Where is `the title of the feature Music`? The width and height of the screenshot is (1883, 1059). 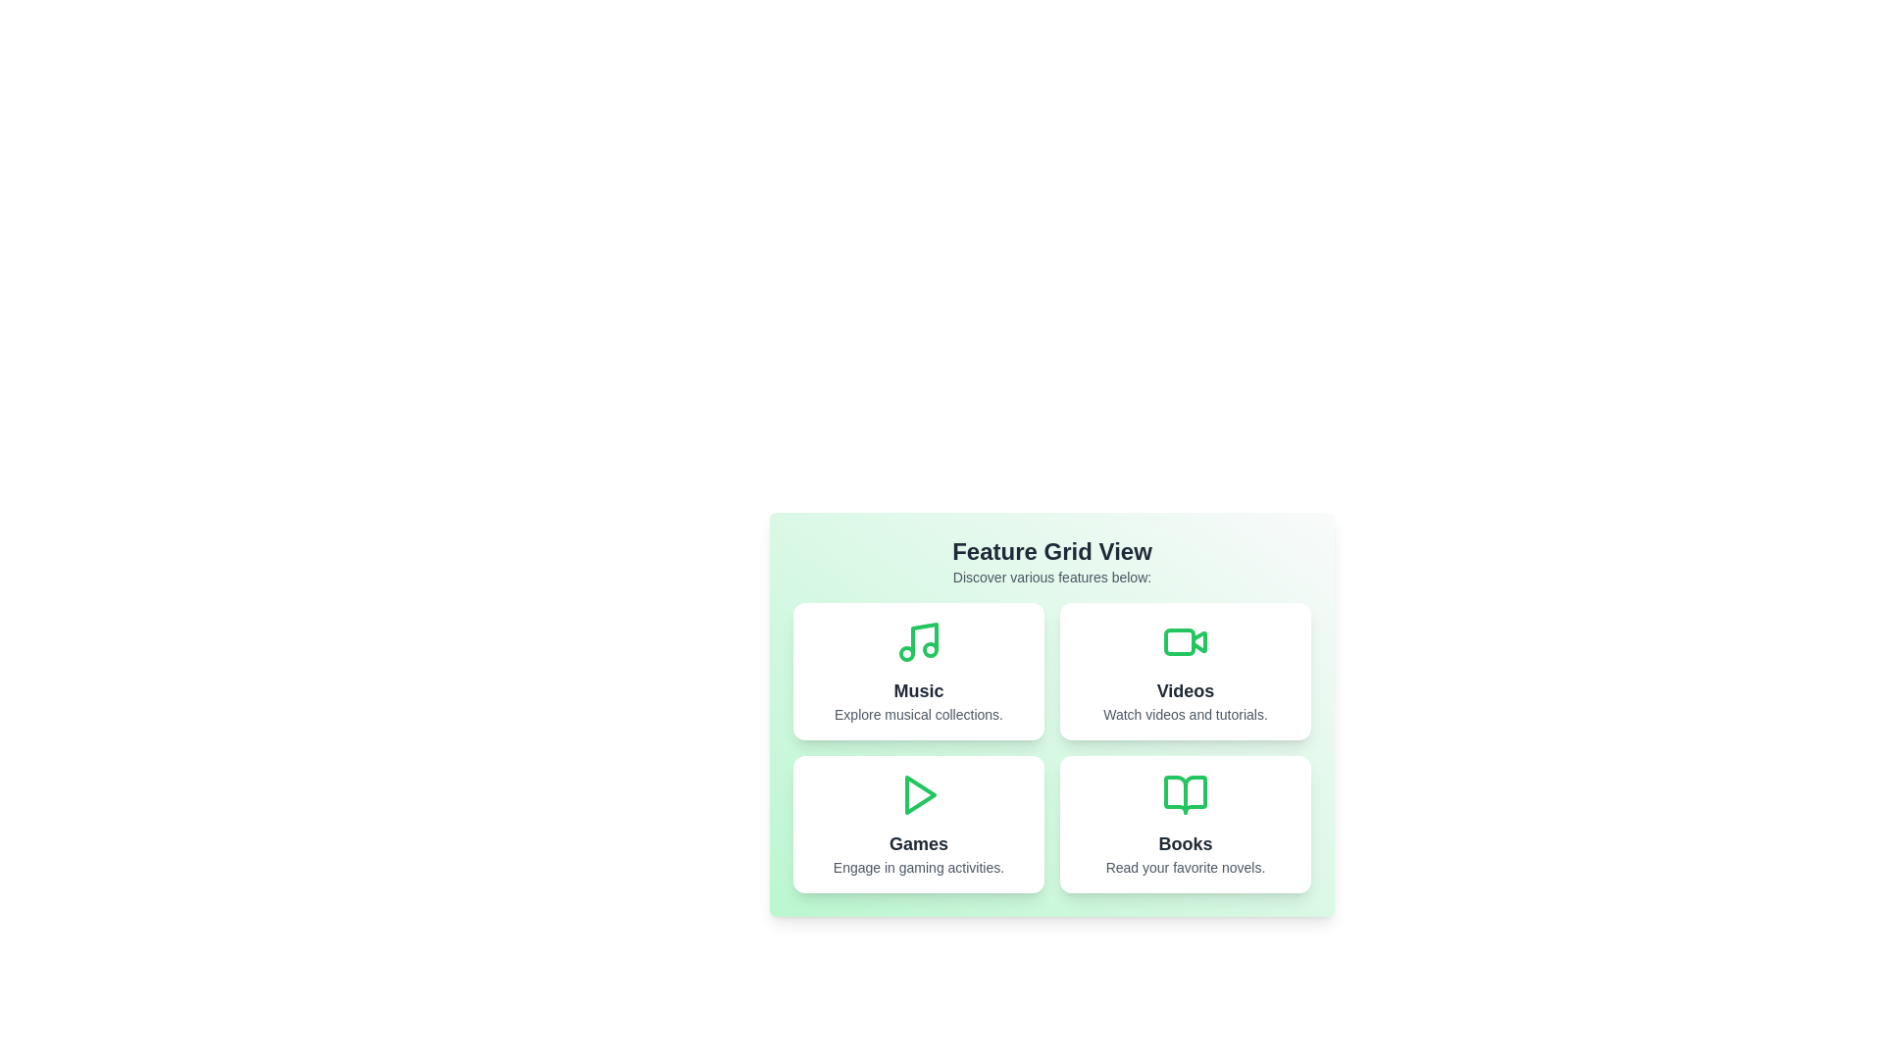 the title of the feature Music is located at coordinates (917, 690).